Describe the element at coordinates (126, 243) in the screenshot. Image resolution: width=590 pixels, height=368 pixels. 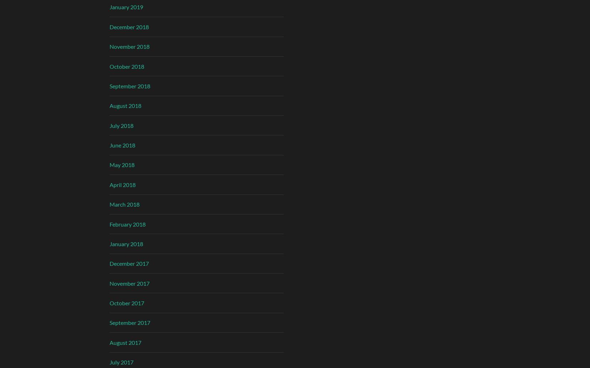
I see `'January 2018'` at that location.